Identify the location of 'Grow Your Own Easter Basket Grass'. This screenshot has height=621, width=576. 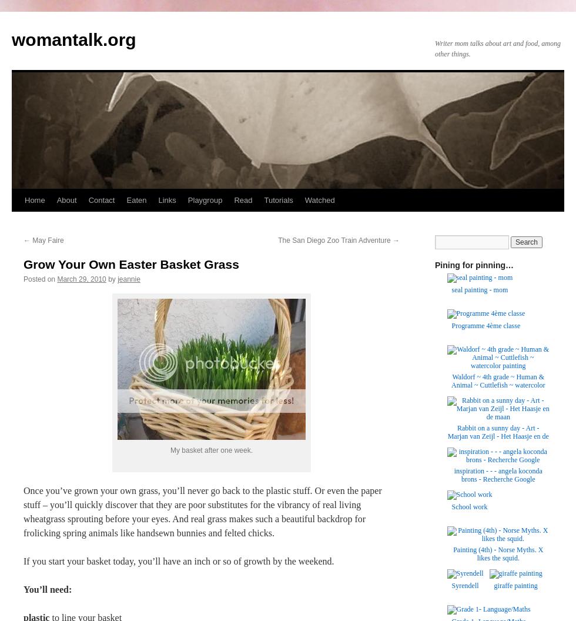
(131, 264).